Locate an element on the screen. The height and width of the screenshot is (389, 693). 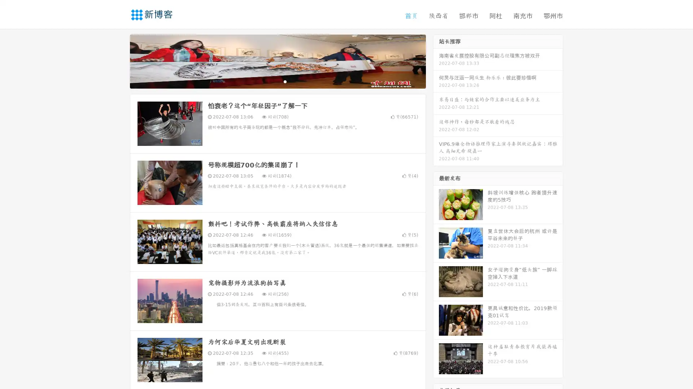
Next slide is located at coordinates (436, 61).